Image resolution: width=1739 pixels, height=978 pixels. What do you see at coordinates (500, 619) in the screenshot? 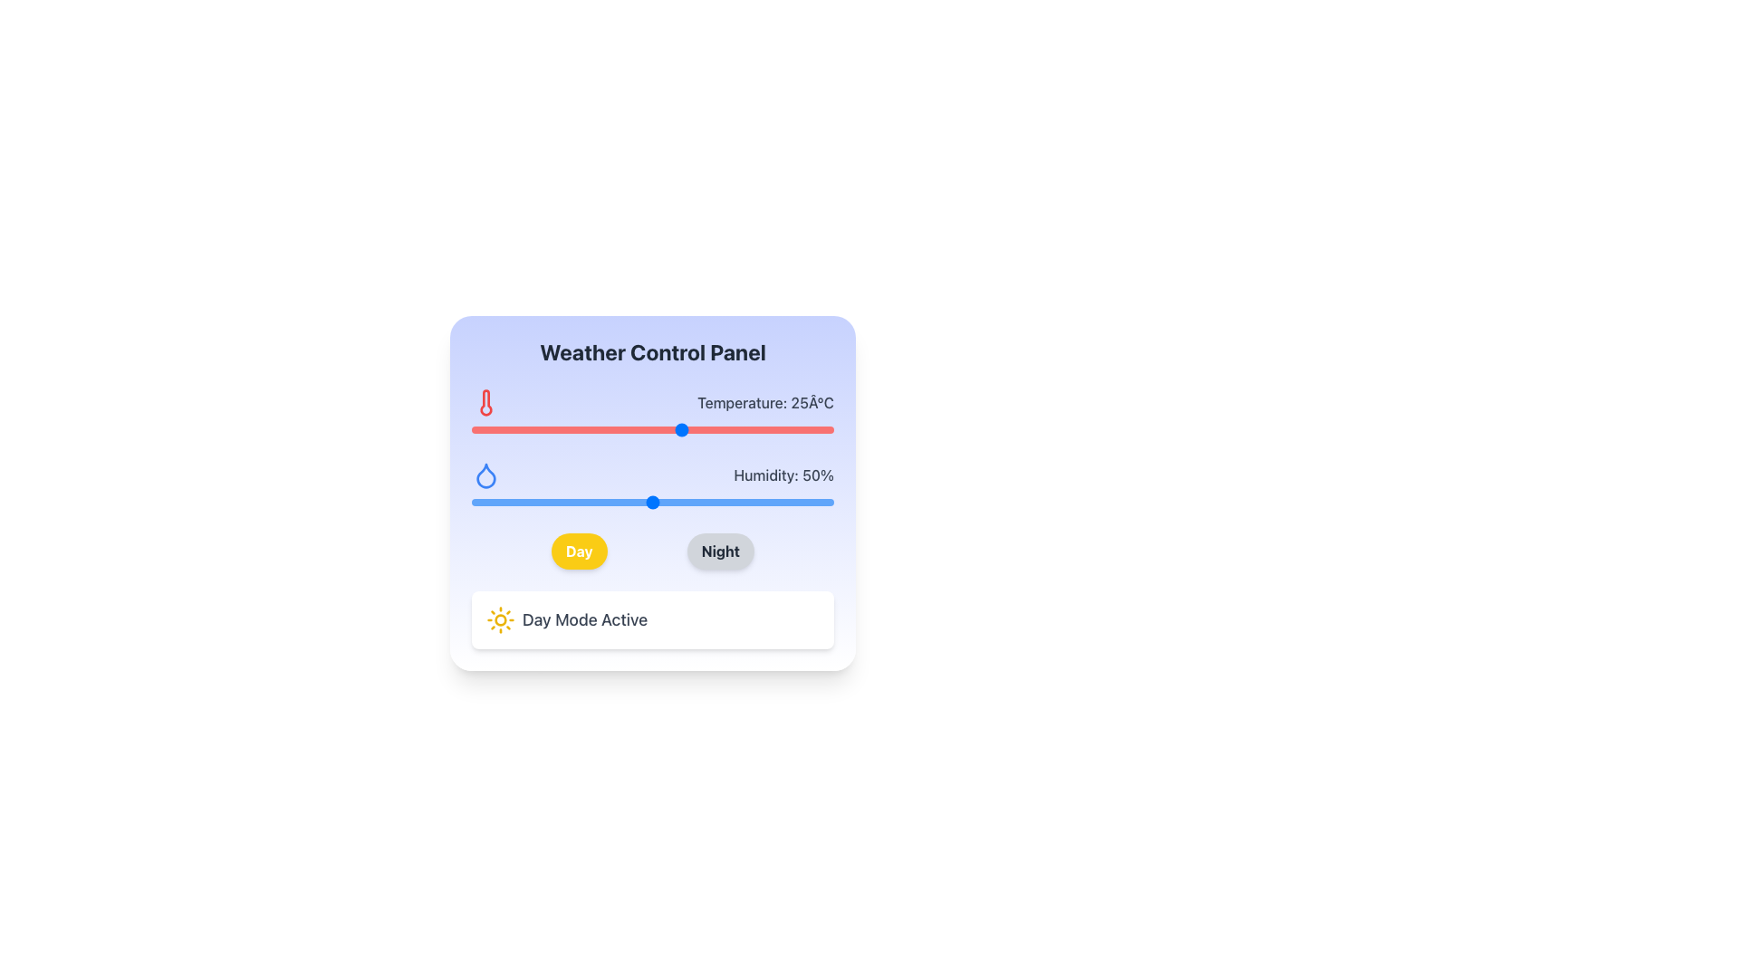
I see `the Circle (SVG component) that represents the core of the sun in the 'Day Mode Active' visualization` at bounding box center [500, 619].